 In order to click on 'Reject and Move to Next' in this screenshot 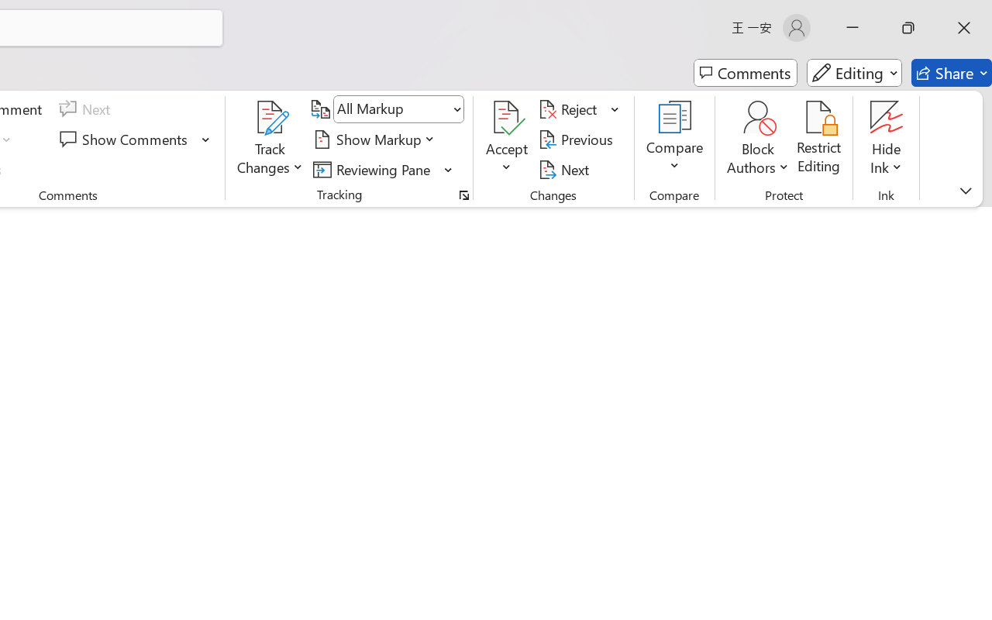, I will do `click(570, 109)`.